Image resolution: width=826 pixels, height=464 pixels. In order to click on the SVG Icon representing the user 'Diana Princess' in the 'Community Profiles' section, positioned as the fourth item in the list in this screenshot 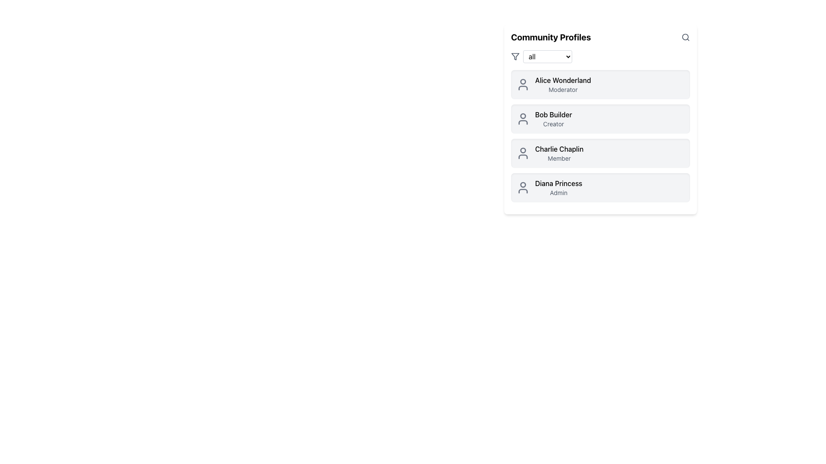, I will do `click(522, 187)`.